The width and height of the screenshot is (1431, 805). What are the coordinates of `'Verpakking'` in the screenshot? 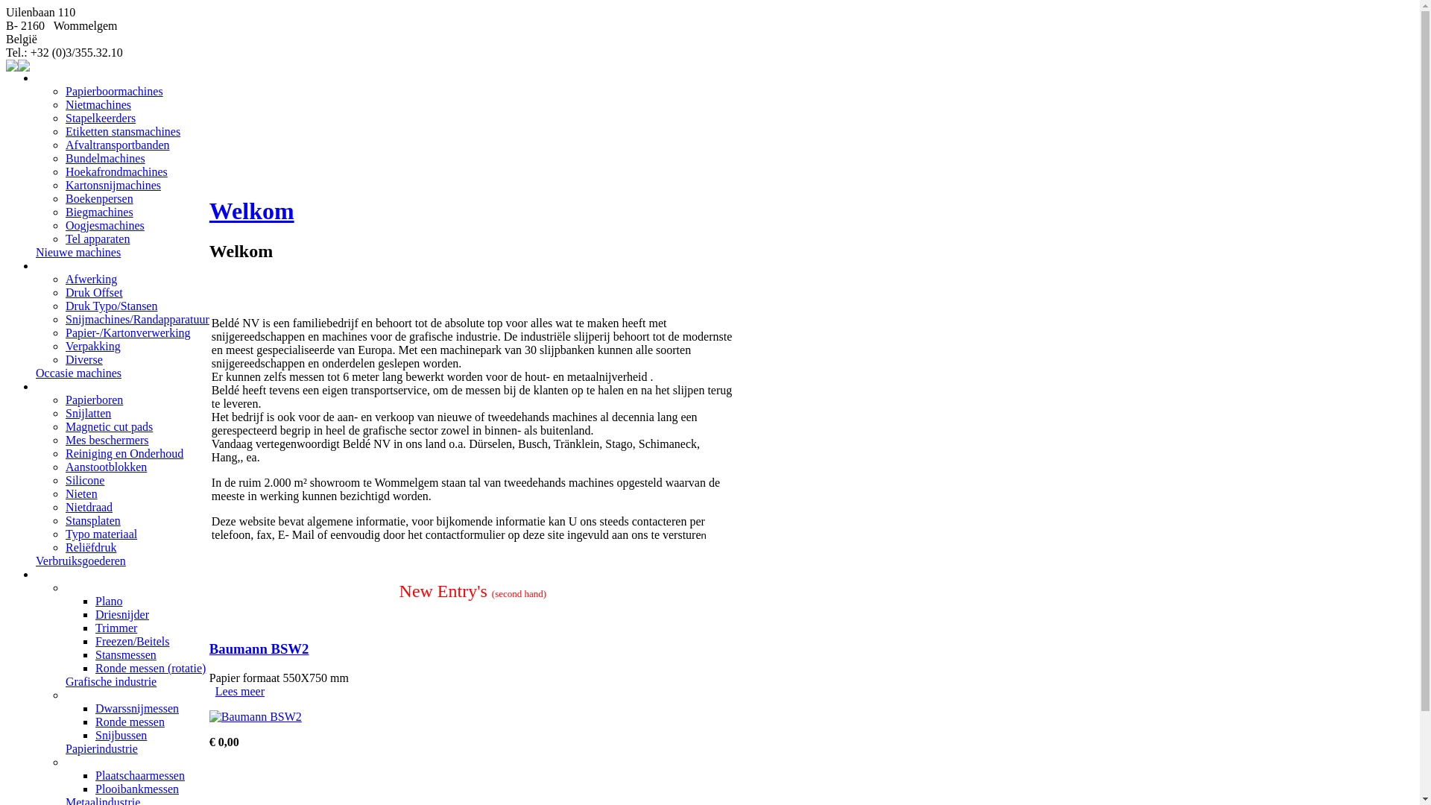 It's located at (92, 346).